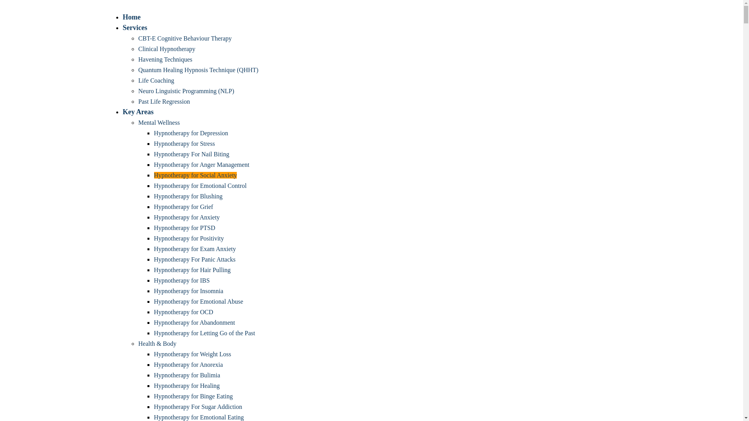  I want to click on 'Hypnotherapy for Emotional Abuse', so click(153, 301).